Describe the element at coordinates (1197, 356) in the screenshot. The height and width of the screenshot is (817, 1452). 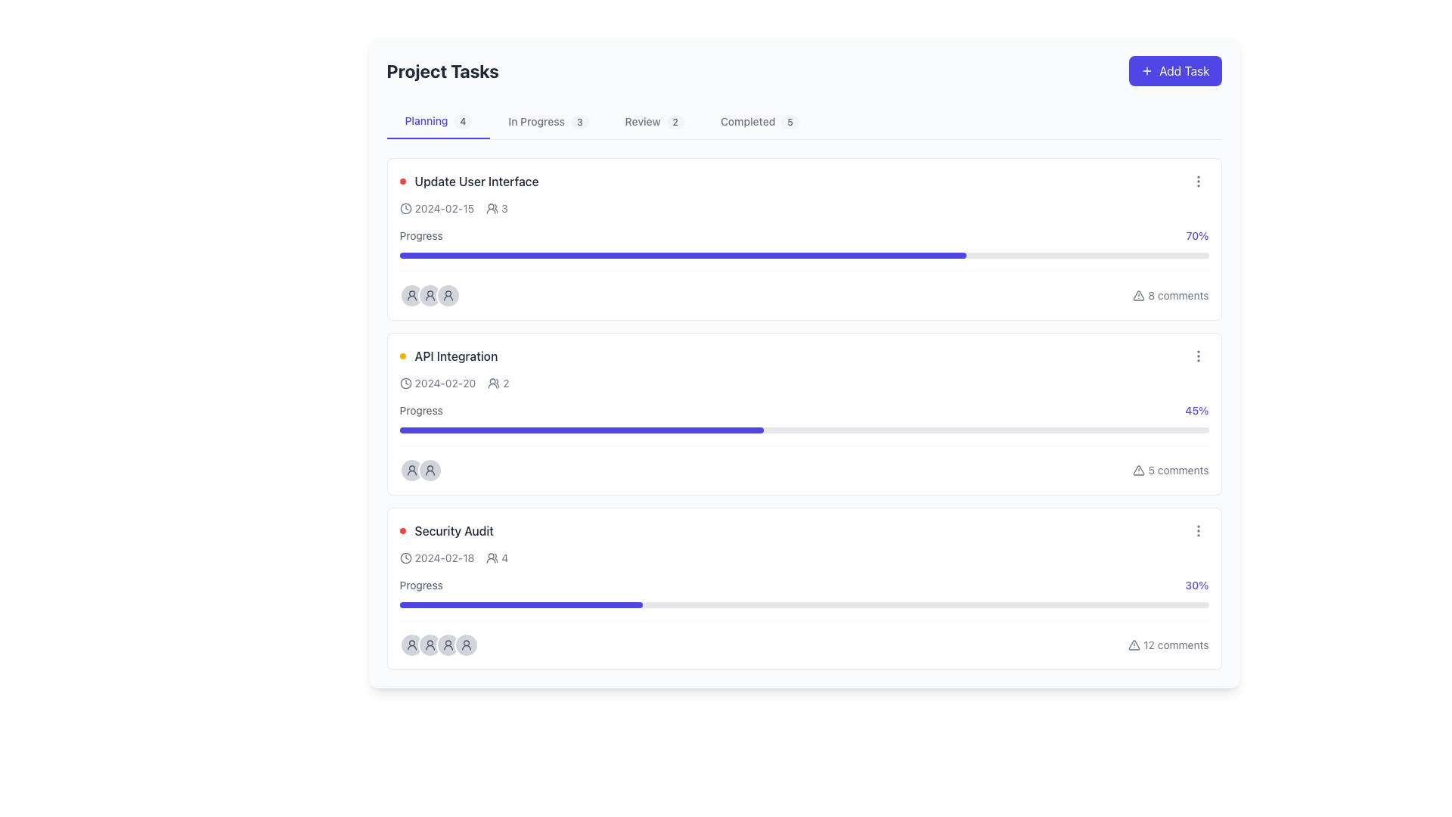
I see `the 'more options' button located in the top-right corner of the 'API Integration' task section` at that location.